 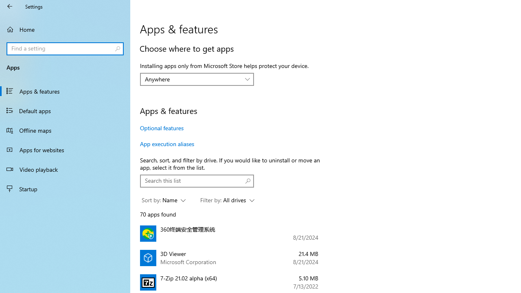 I want to click on 'Offline maps', so click(x=65, y=130).